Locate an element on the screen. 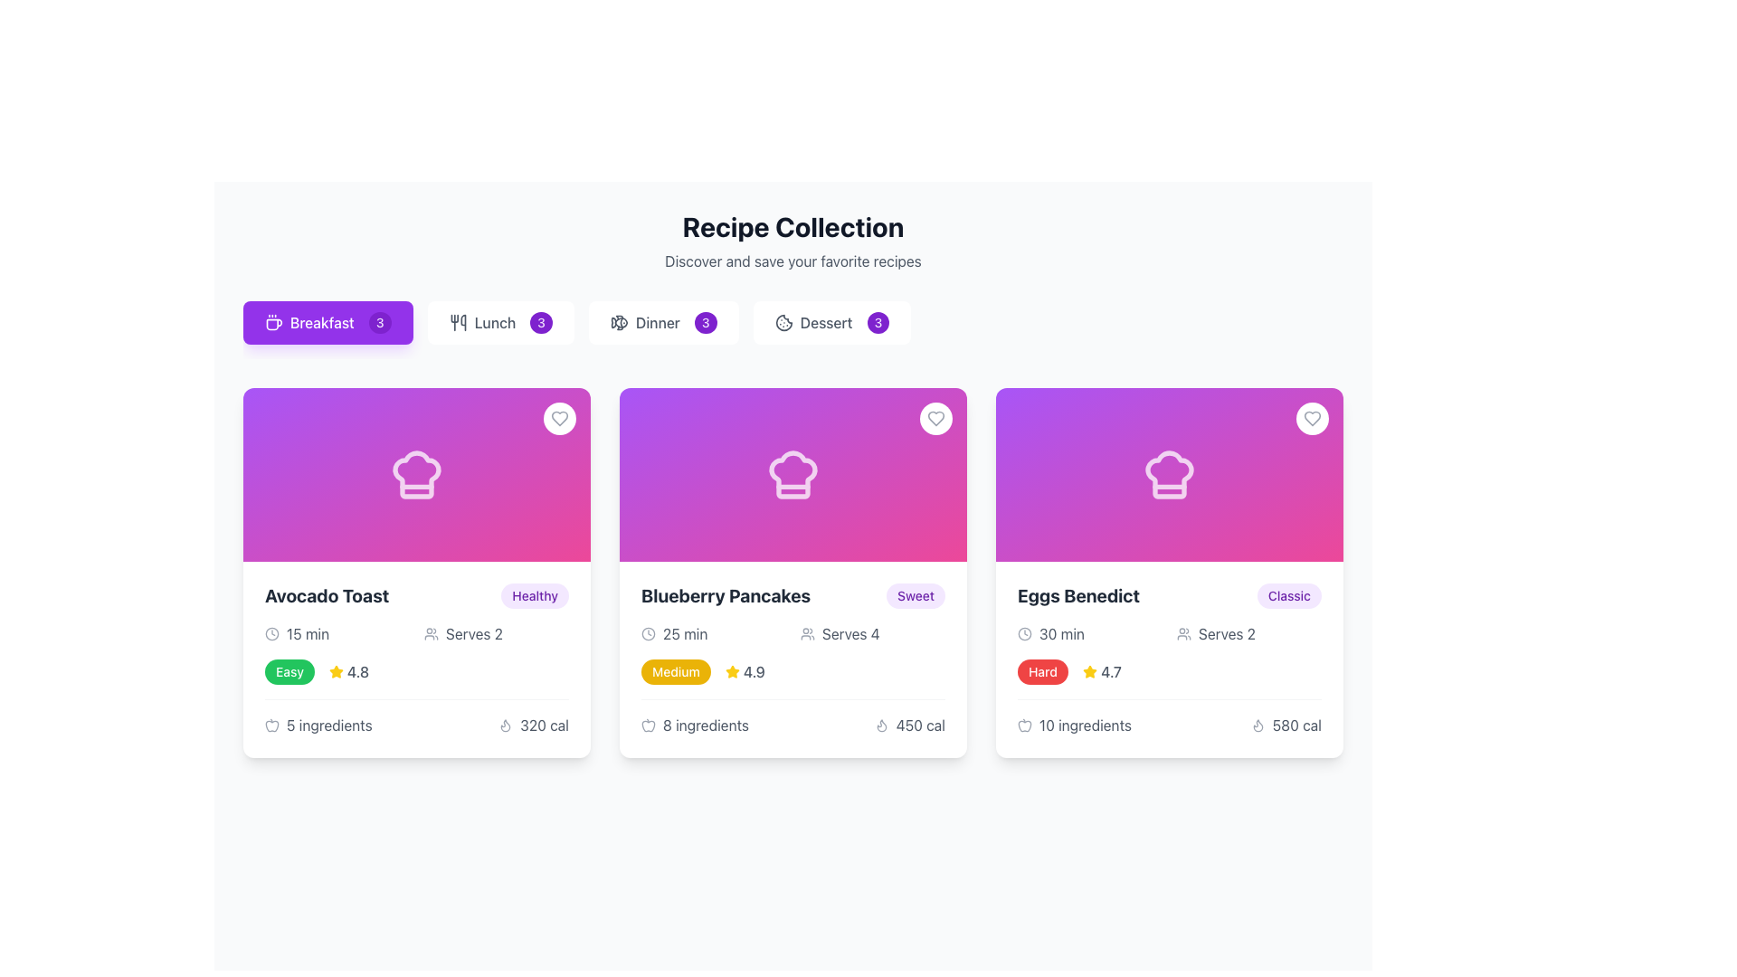  the lower half of the second information card in a horizontally aligned list of three cards is located at coordinates (793, 659).